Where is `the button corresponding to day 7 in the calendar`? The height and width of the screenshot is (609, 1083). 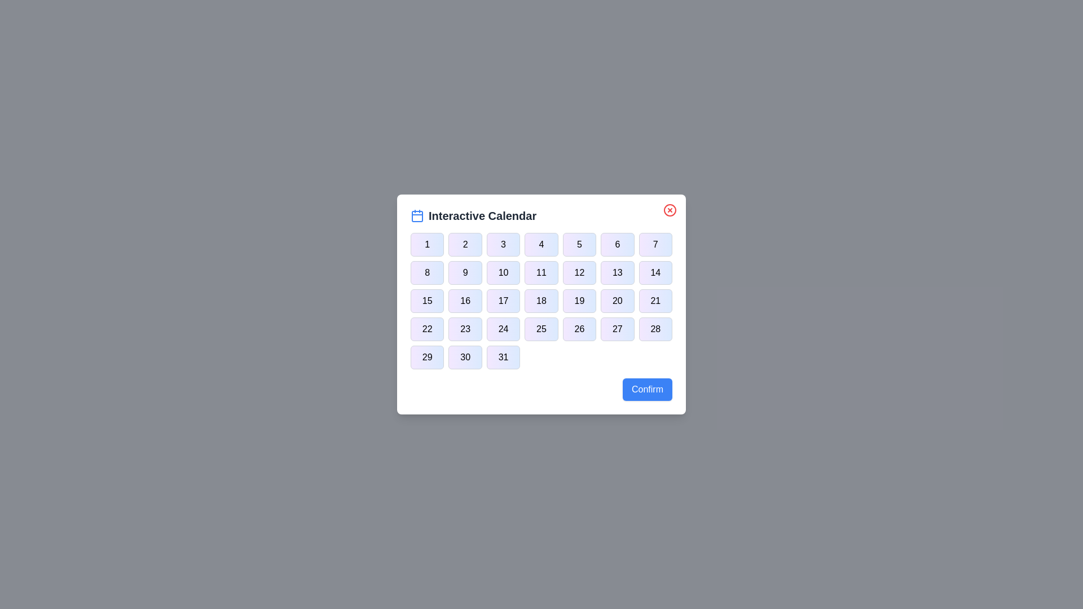
the button corresponding to day 7 in the calendar is located at coordinates (655, 244).